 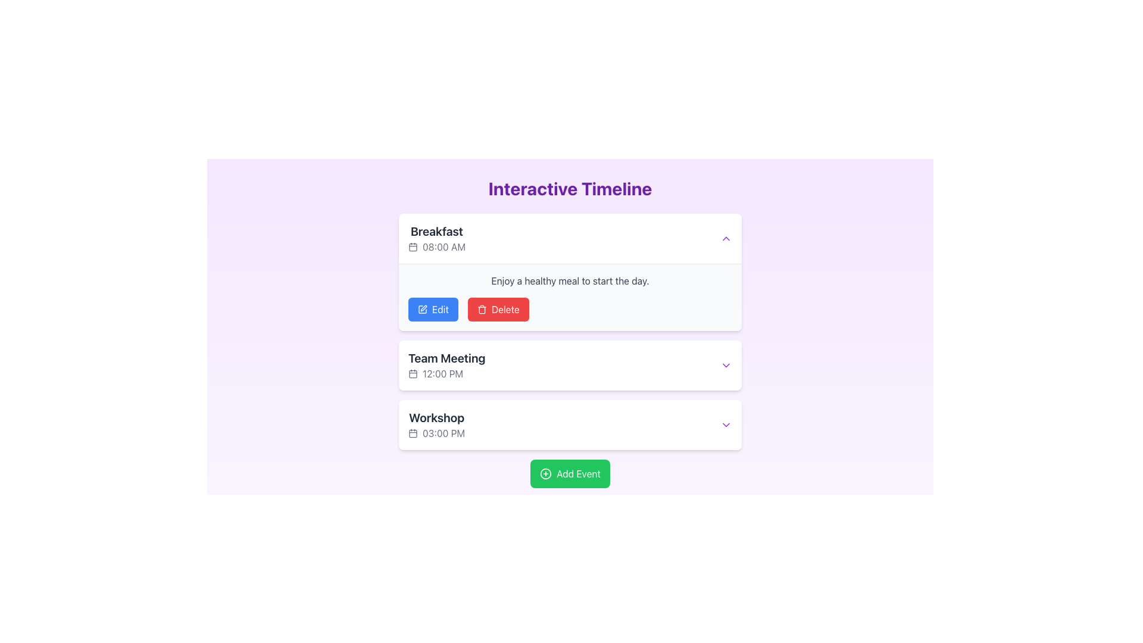 I want to click on the 'Delete' button, so click(x=498, y=309).